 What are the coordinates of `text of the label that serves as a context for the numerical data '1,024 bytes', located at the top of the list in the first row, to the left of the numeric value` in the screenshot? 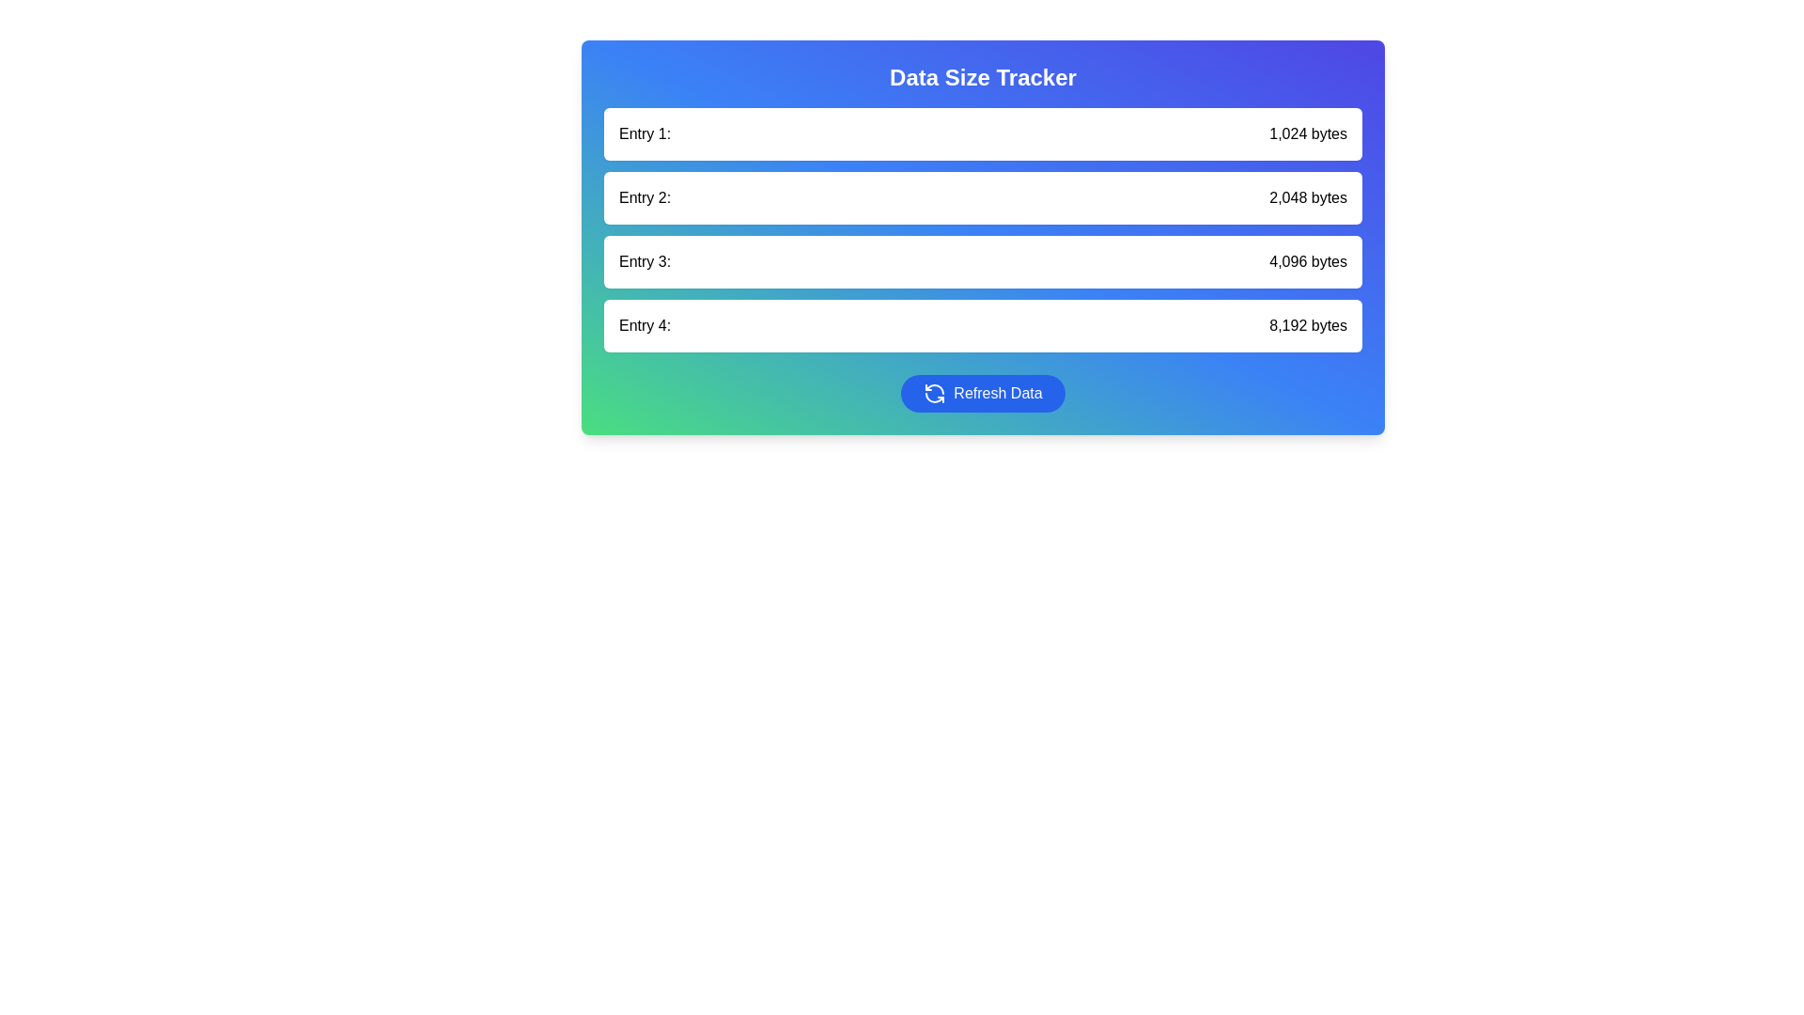 It's located at (645, 133).